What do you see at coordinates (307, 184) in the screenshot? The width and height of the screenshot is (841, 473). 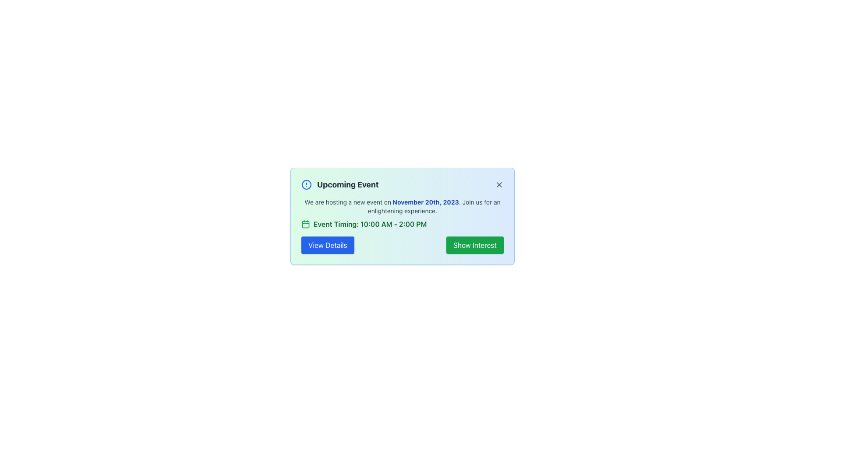 I see `the circular graphical component of the SVG alert icon located to the left of the 'Upcoming Event' text header within a card` at bounding box center [307, 184].